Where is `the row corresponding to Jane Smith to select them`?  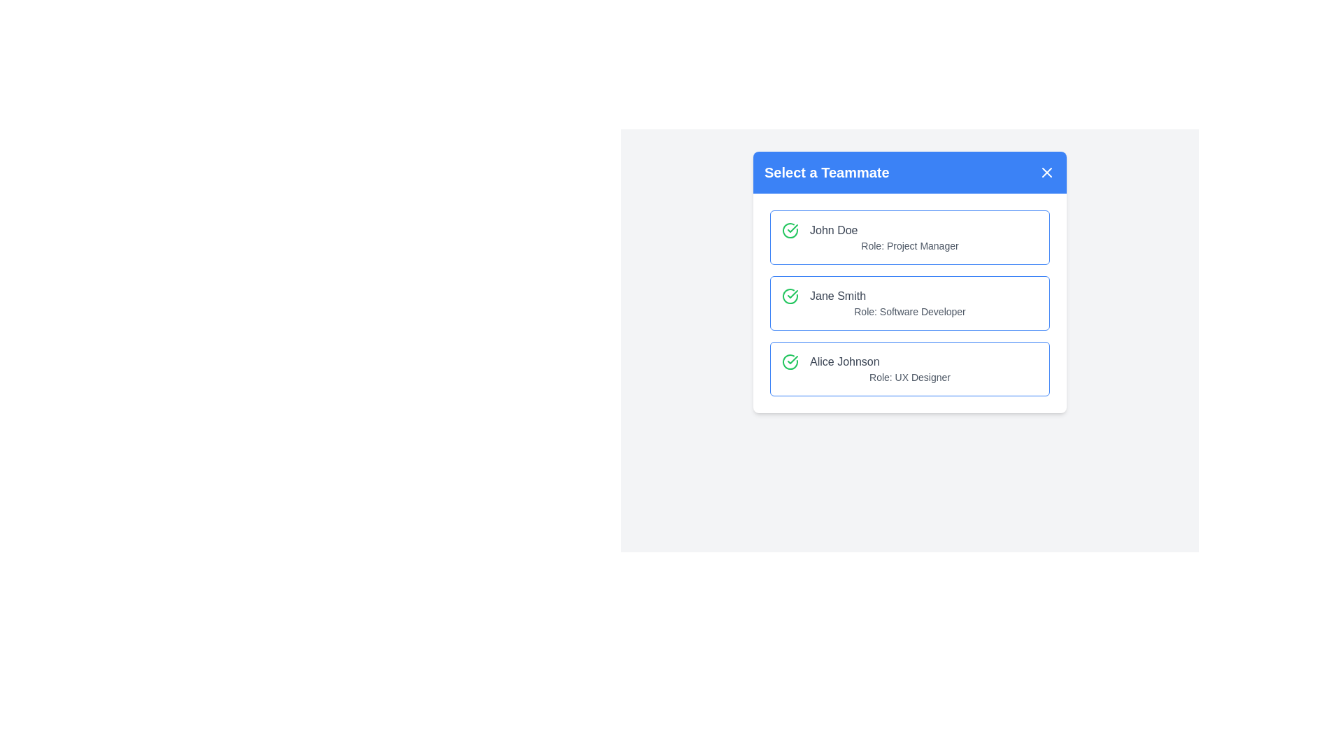
the row corresponding to Jane Smith to select them is located at coordinates (909, 303).